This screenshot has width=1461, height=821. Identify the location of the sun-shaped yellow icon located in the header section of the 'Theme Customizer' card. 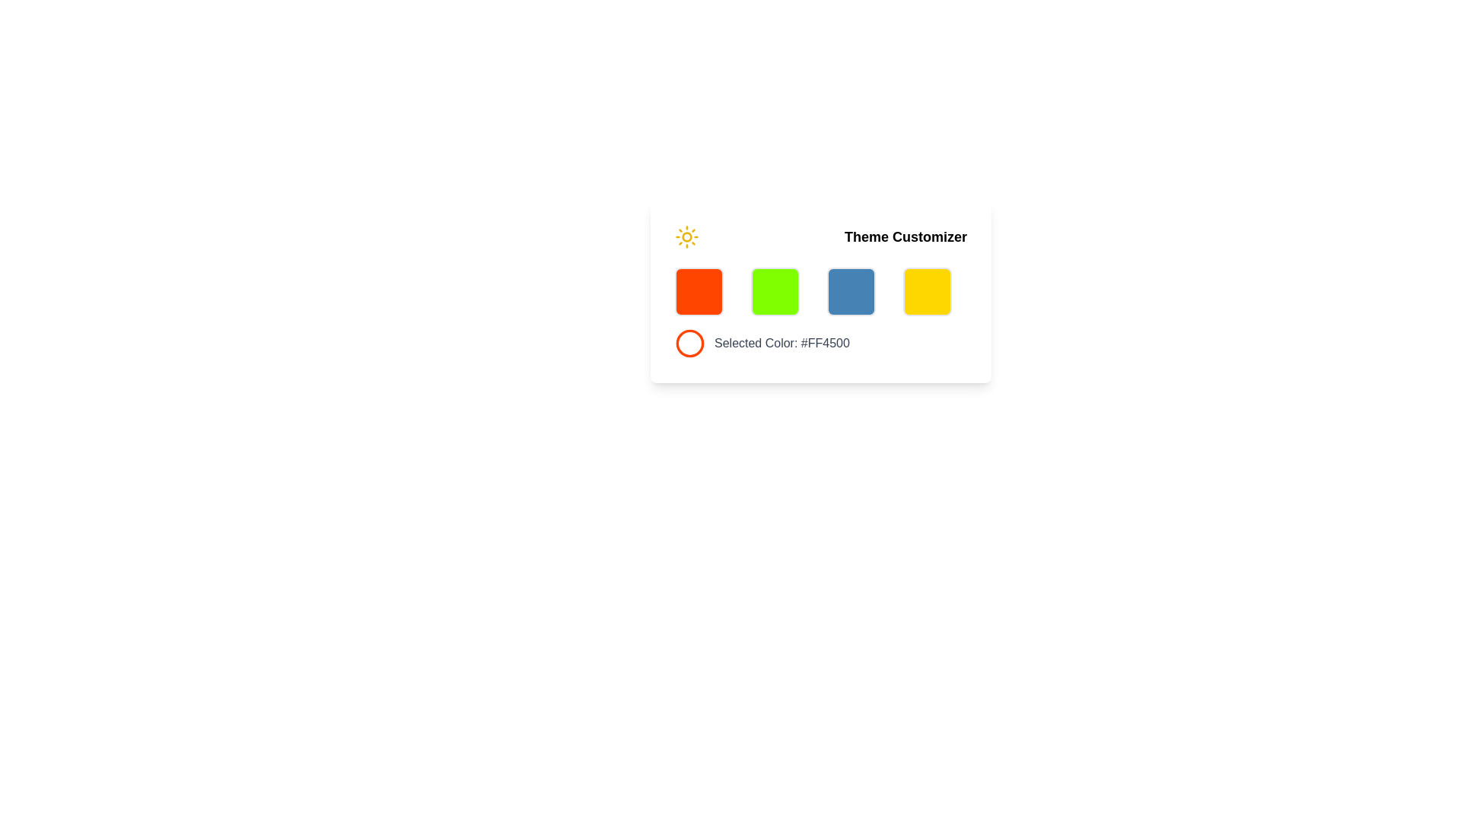
(686, 237).